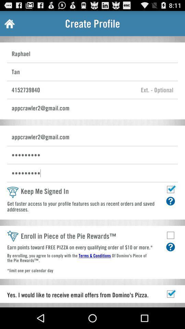 The width and height of the screenshot is (185, 329). I want to click on see more information, so click(170, 247).